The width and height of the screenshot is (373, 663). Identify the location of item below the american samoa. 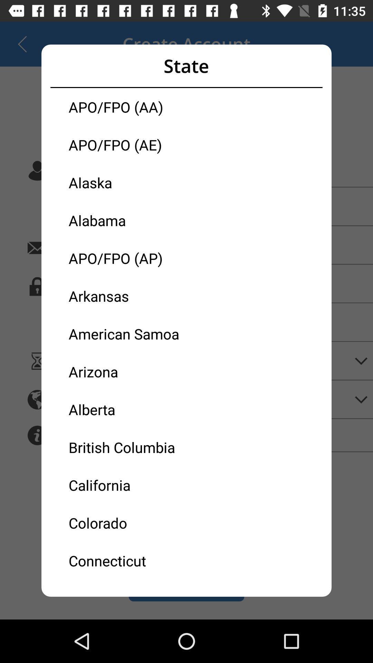
(127, 371).